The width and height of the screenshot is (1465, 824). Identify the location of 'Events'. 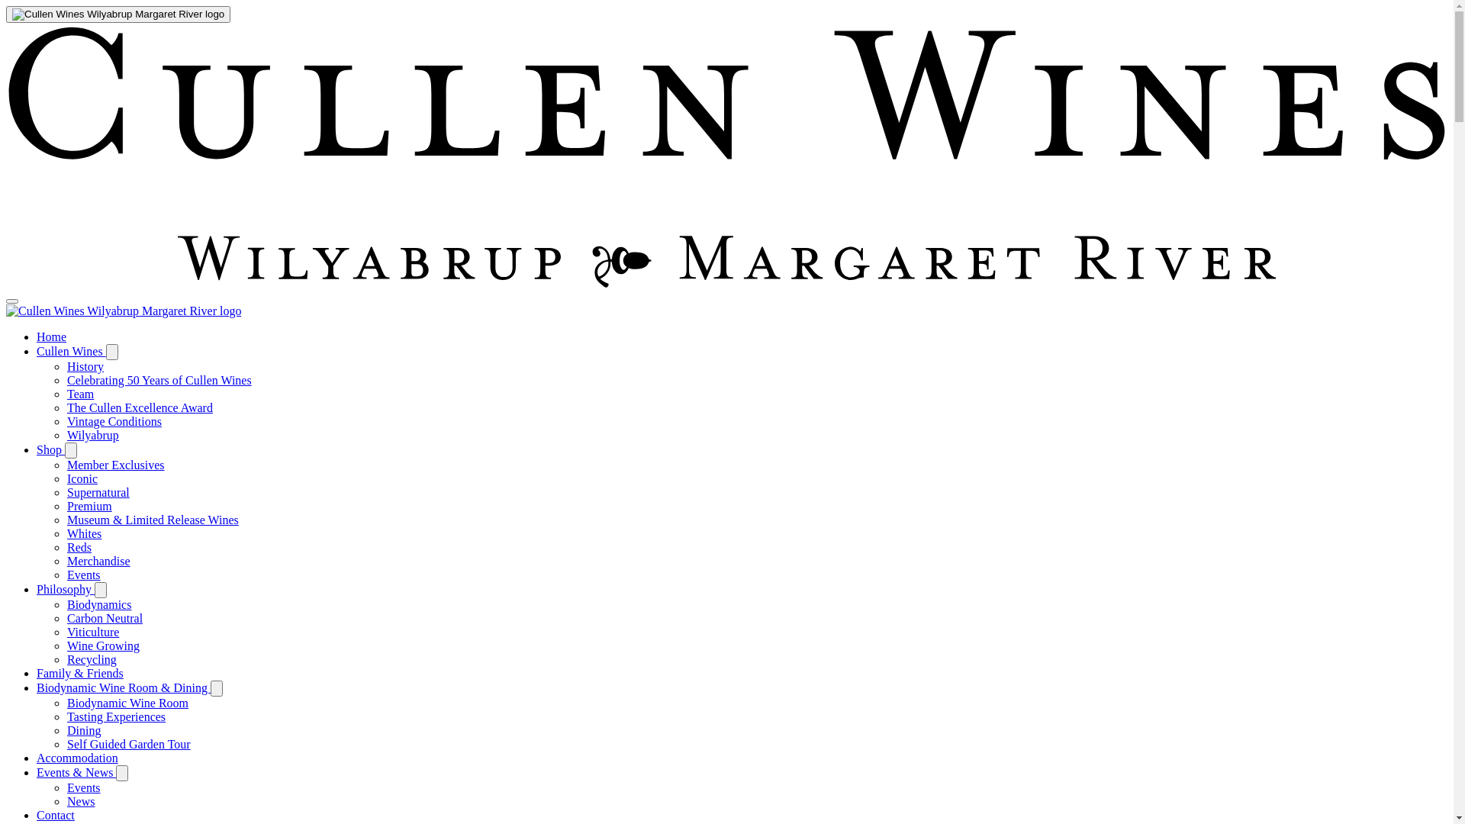
(83, 575).